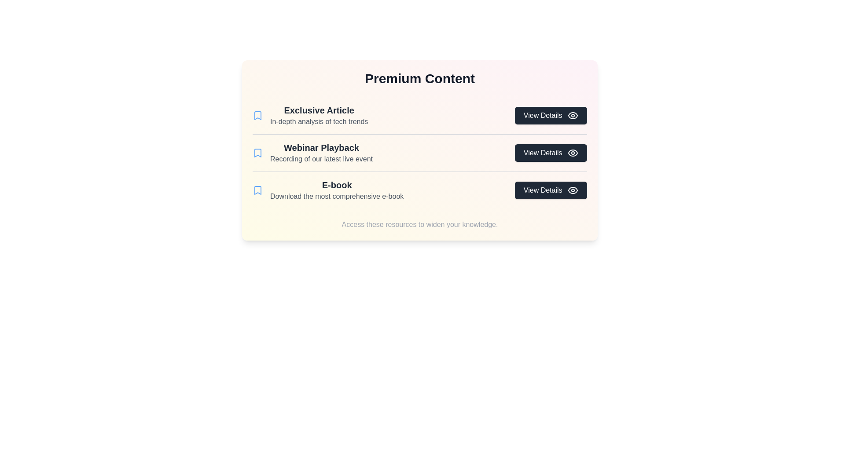 This screenshot has height=475, width=845. Describe the element at coordinates (257, 190) in the screenshot. I see `the bookmark icon for the content item titled E-book` at that location.